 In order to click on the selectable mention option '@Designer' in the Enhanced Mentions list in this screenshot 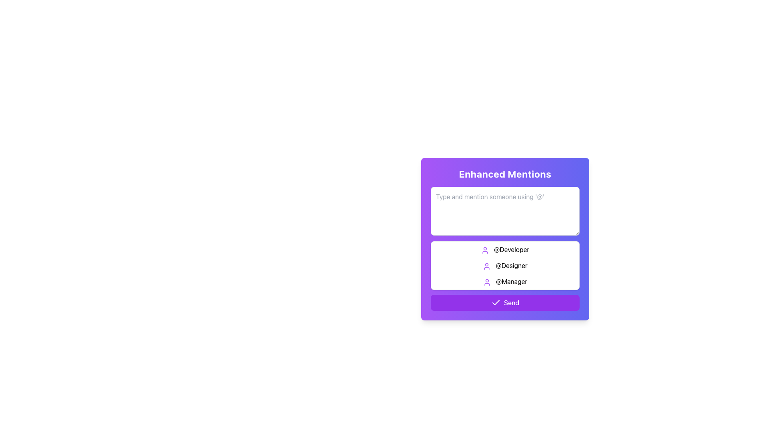, I will do `click(504, 265)`.